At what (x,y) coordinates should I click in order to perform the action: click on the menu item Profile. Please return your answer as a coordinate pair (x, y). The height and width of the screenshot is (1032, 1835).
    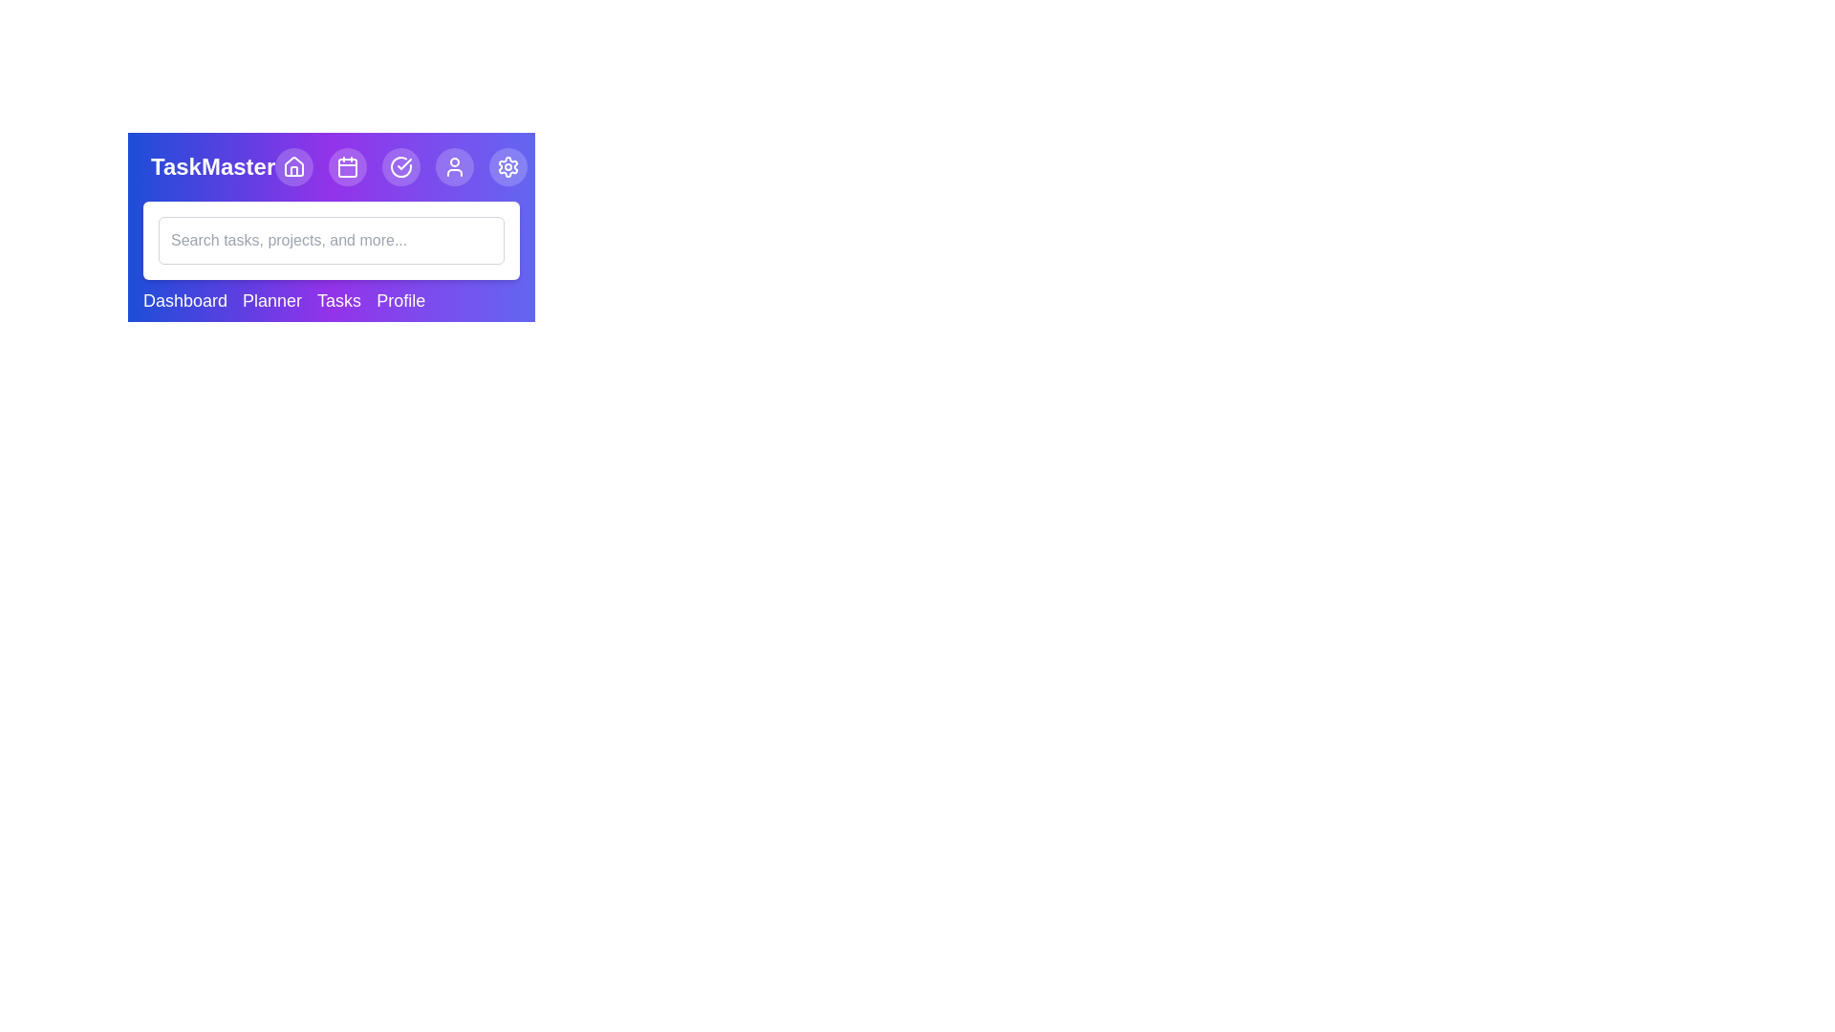
    Looking at the image, I should click on (399, 301).